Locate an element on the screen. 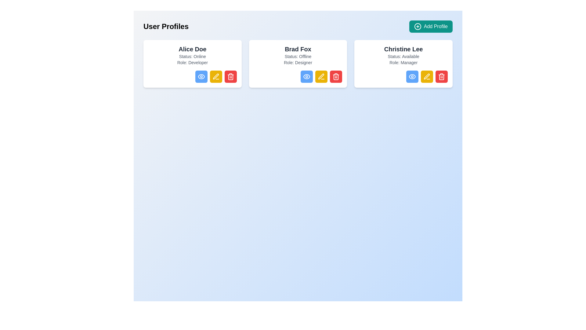  the trash can icon, which signifies a delete action, located in the horizontal row of action buttons under the 'Brad Fox' user profile card is located at coordinates (336, 77).